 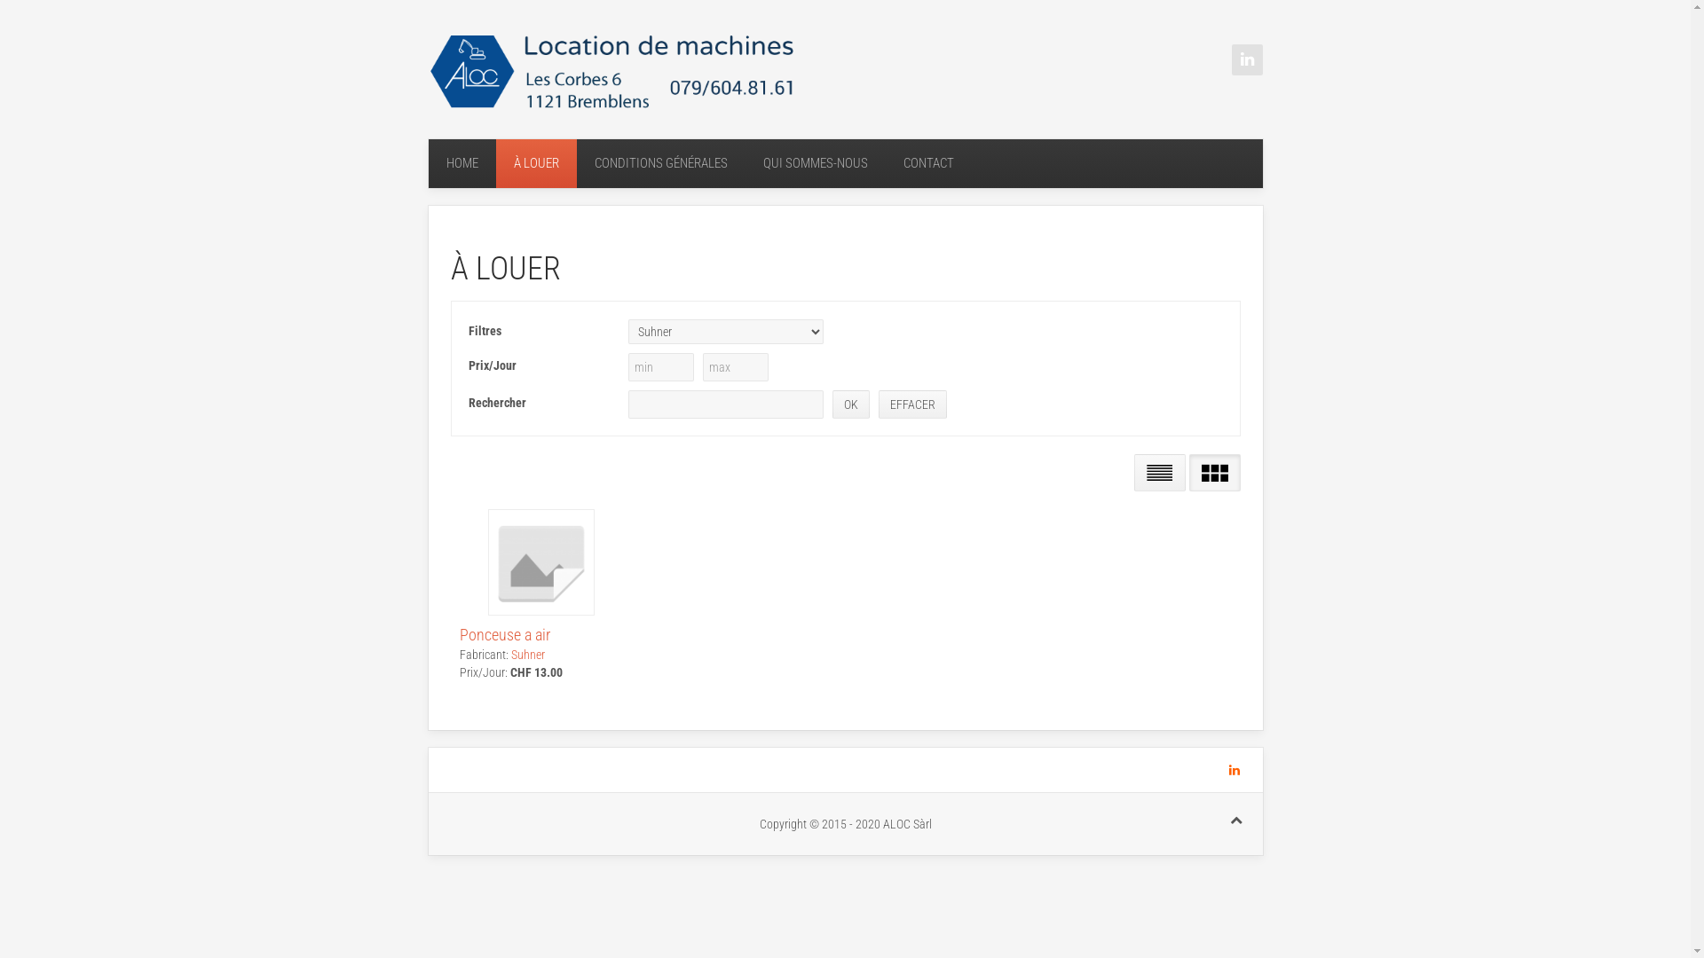 I want to click on 'QUI SOMMES-NOUS', so click(x=745, y=163).